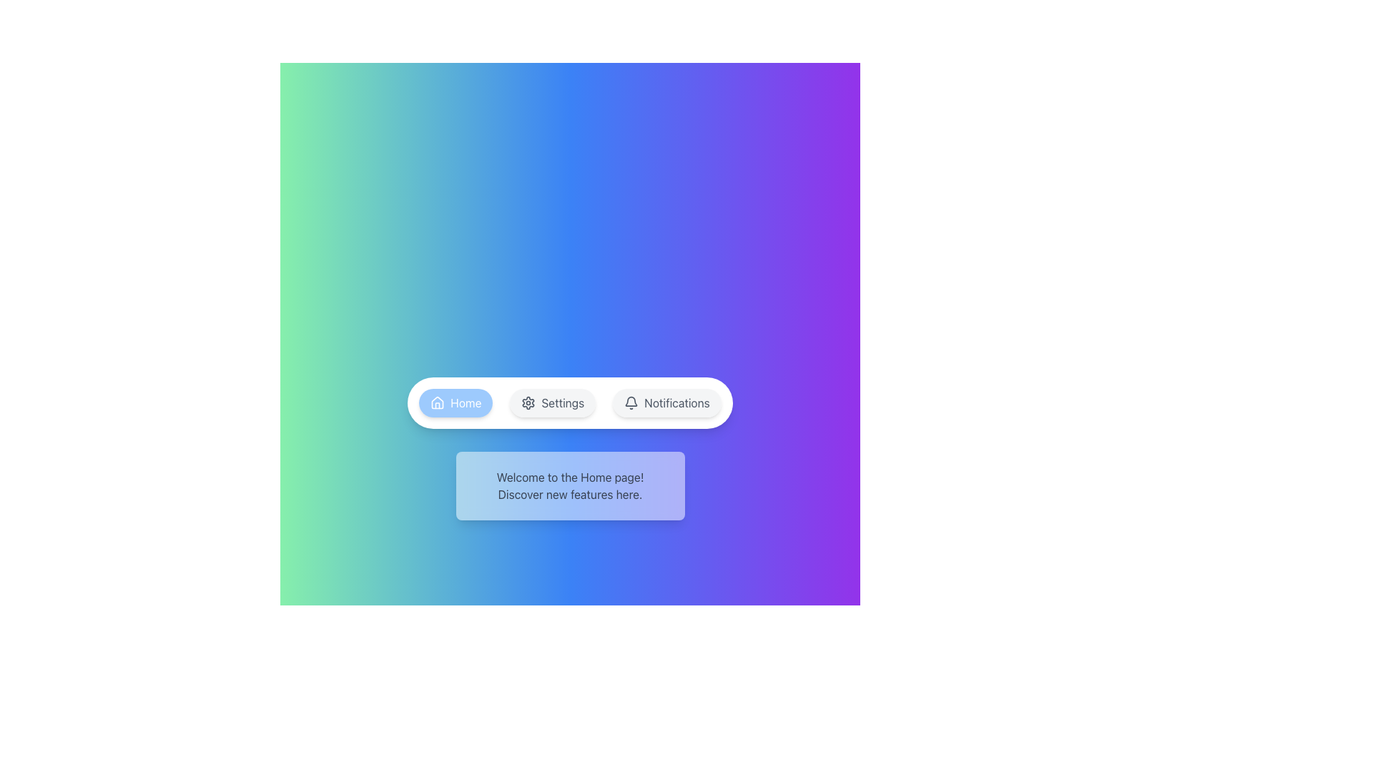 This screenshot has height=772, width=1373. I want to click on the horizontal navigation bar with a white background and rounded corners, which contains the buttons 'Home', 'Settings', and 'Notifications', so click(569, 402).